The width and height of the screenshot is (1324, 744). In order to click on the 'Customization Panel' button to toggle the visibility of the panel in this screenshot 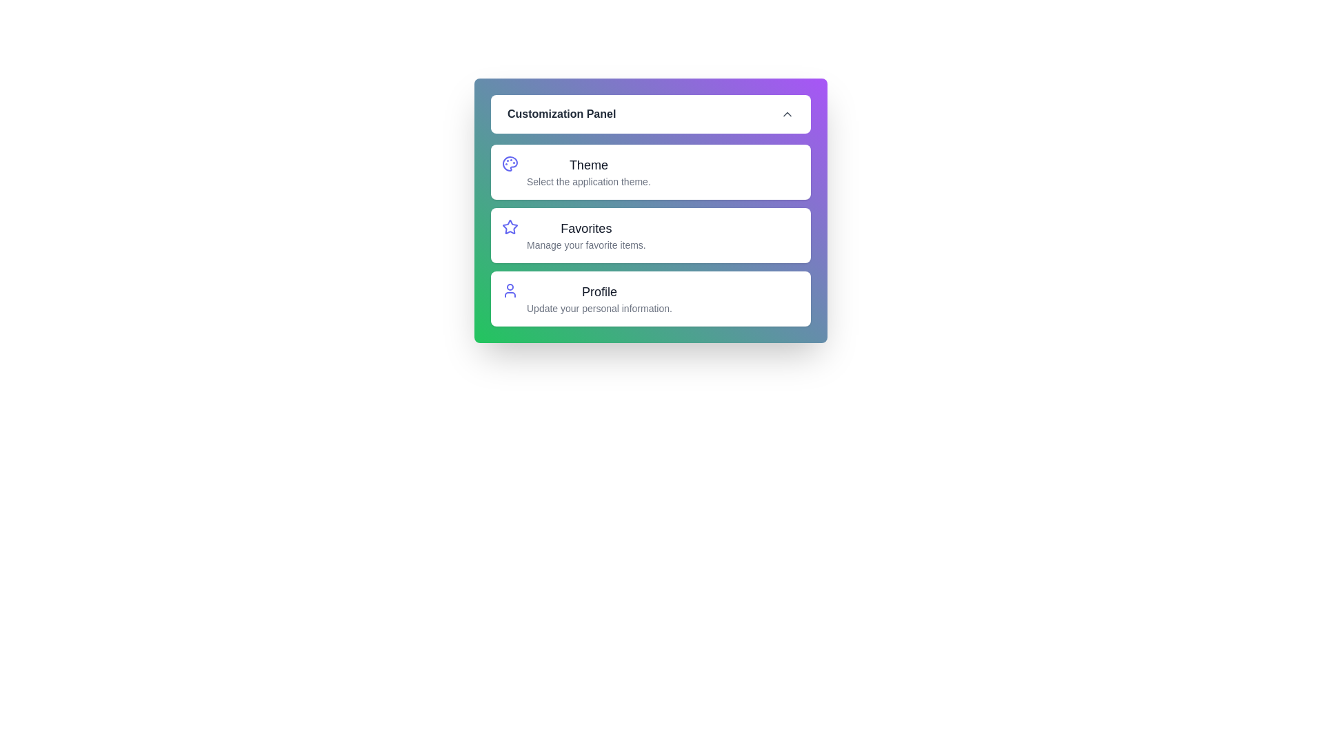, I will do `click(650, 113)`.